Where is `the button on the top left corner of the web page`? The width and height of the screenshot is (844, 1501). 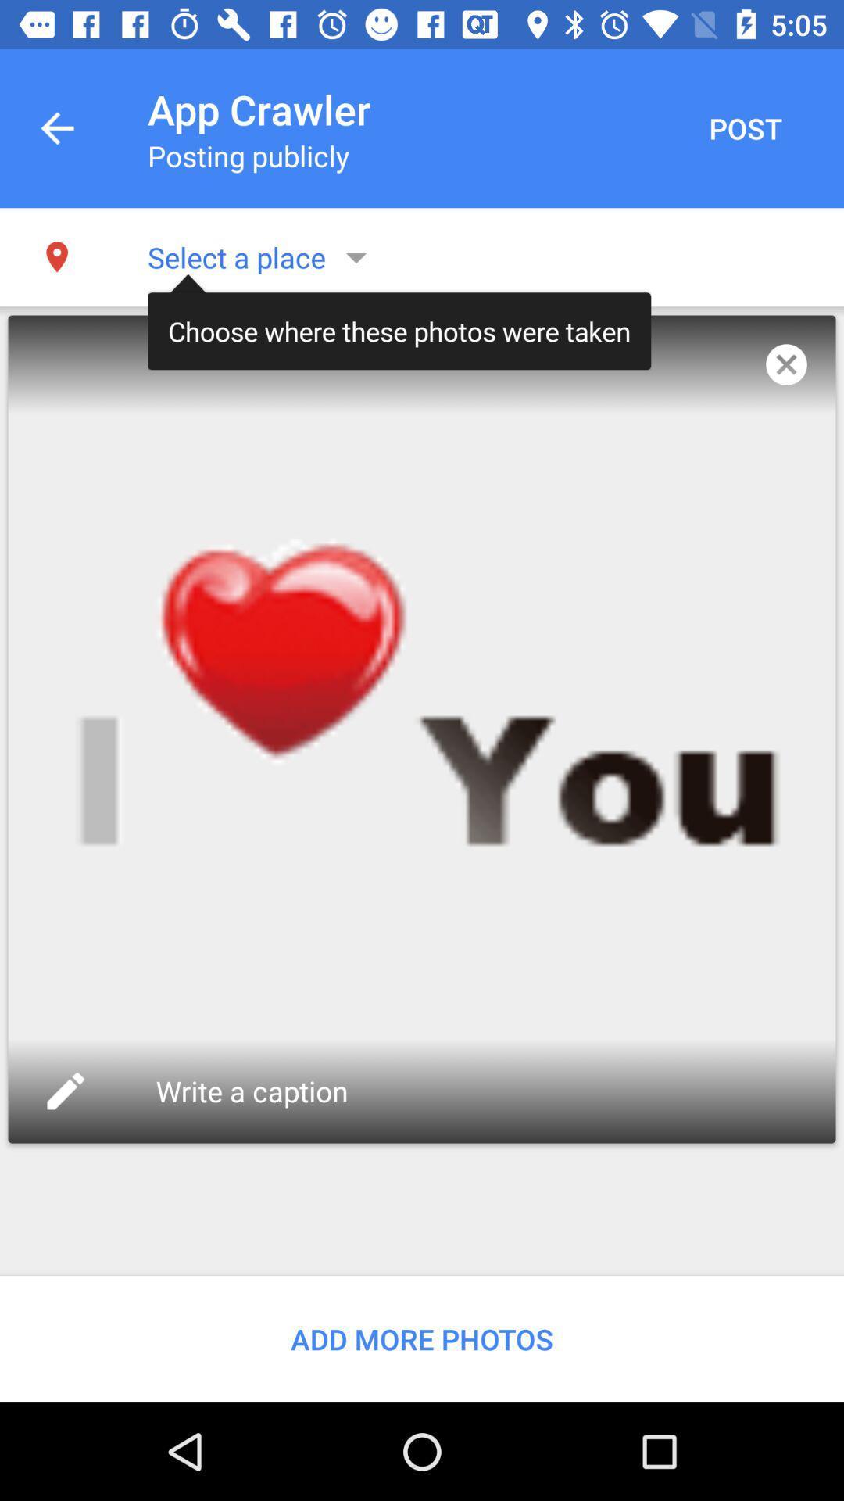 the button on the top left corner of the web page is located at coordinates (56, 127).